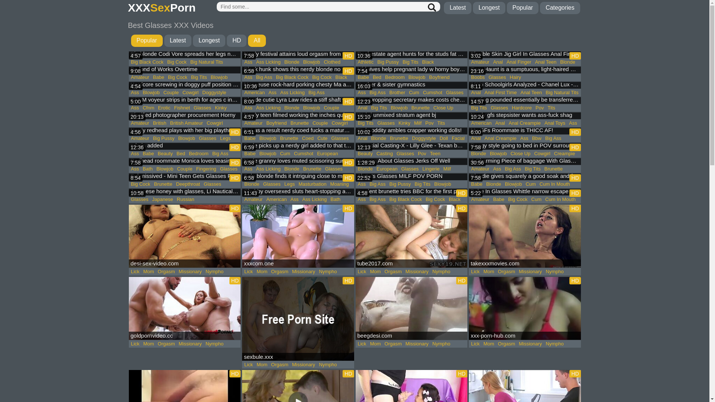  Describe the element at coordinates (268, 61) in the screenshot. I see `'Ass Licking'` at that location.